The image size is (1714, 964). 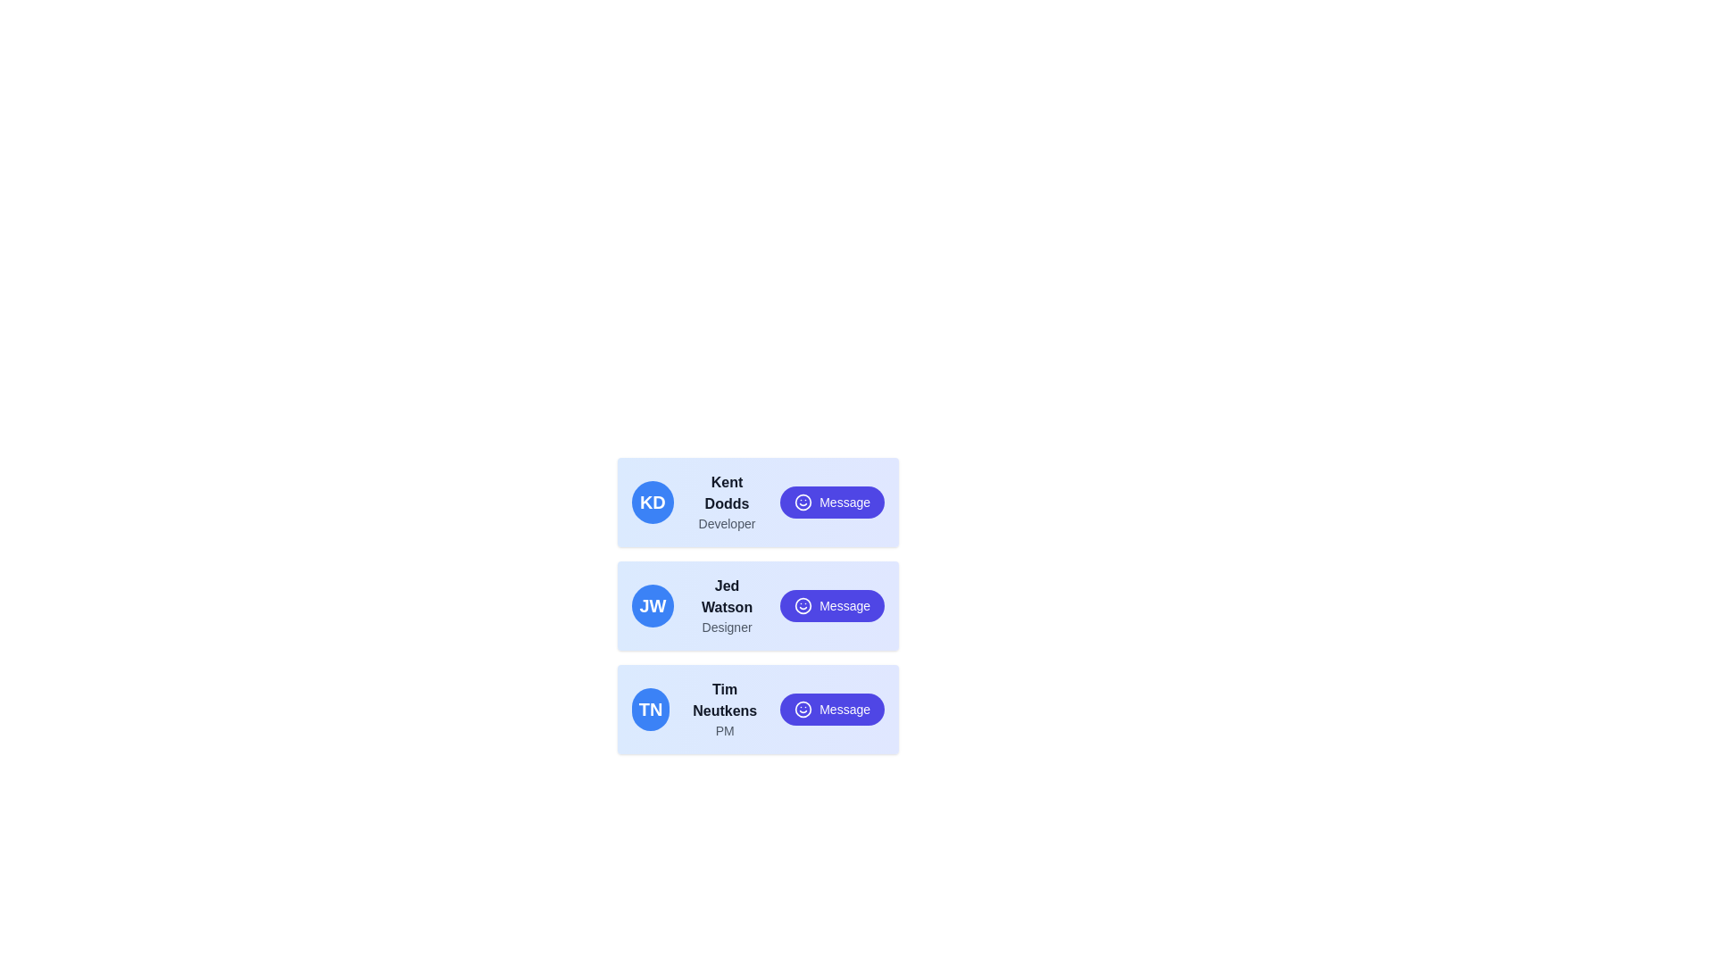 I want to click on the User Card displaying user information, which is the third entry in the list located below 'Jed Watson' and 'Kent Dodds', so click(x=758, y=708).